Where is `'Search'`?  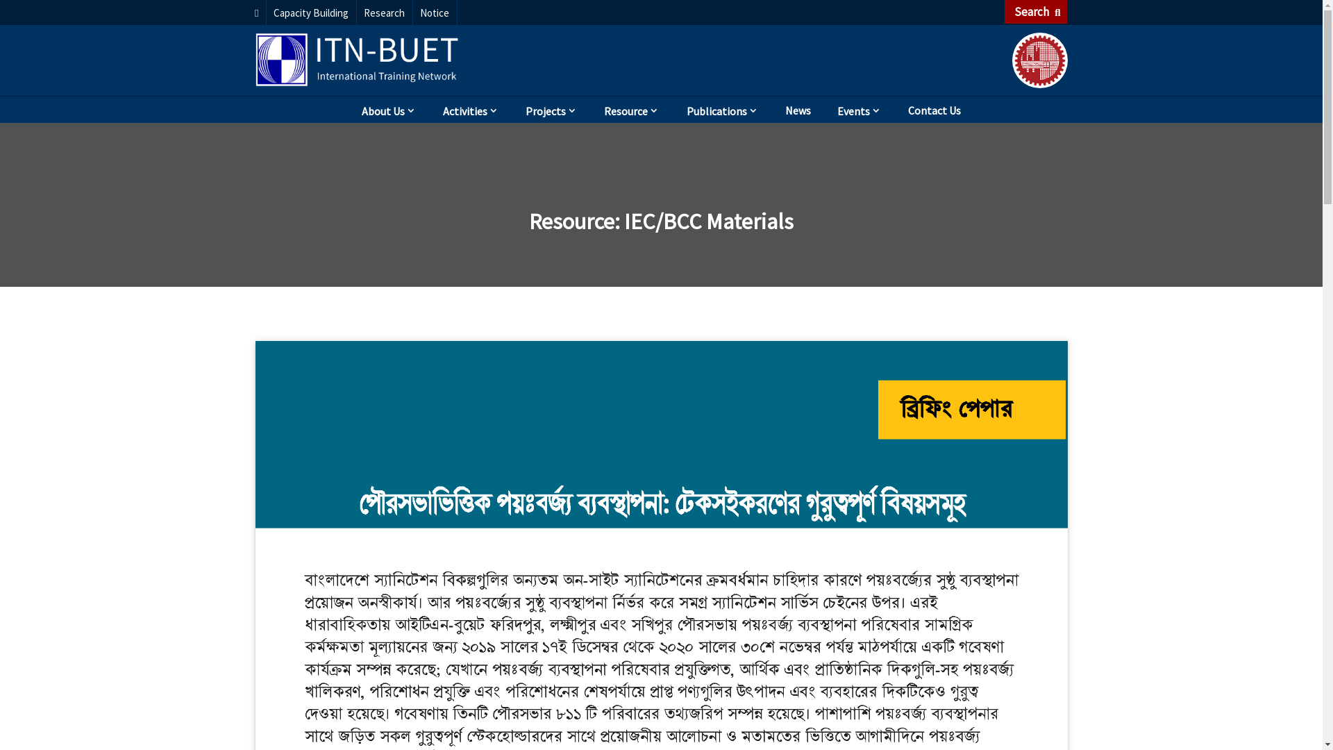 'Search' is located at coordinates (1036, 11).